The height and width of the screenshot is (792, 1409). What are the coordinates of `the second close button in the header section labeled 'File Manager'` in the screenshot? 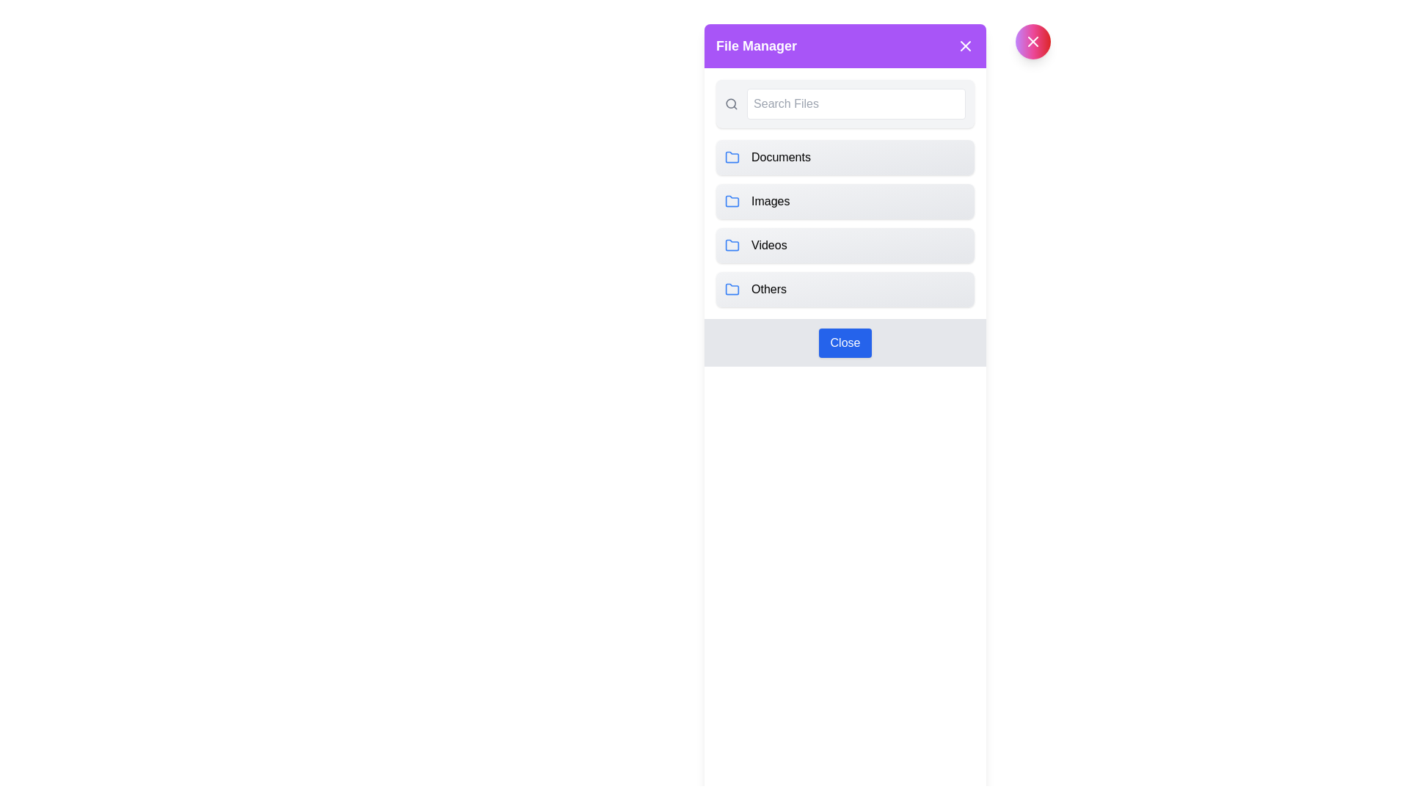 It's located at (1032, 41).